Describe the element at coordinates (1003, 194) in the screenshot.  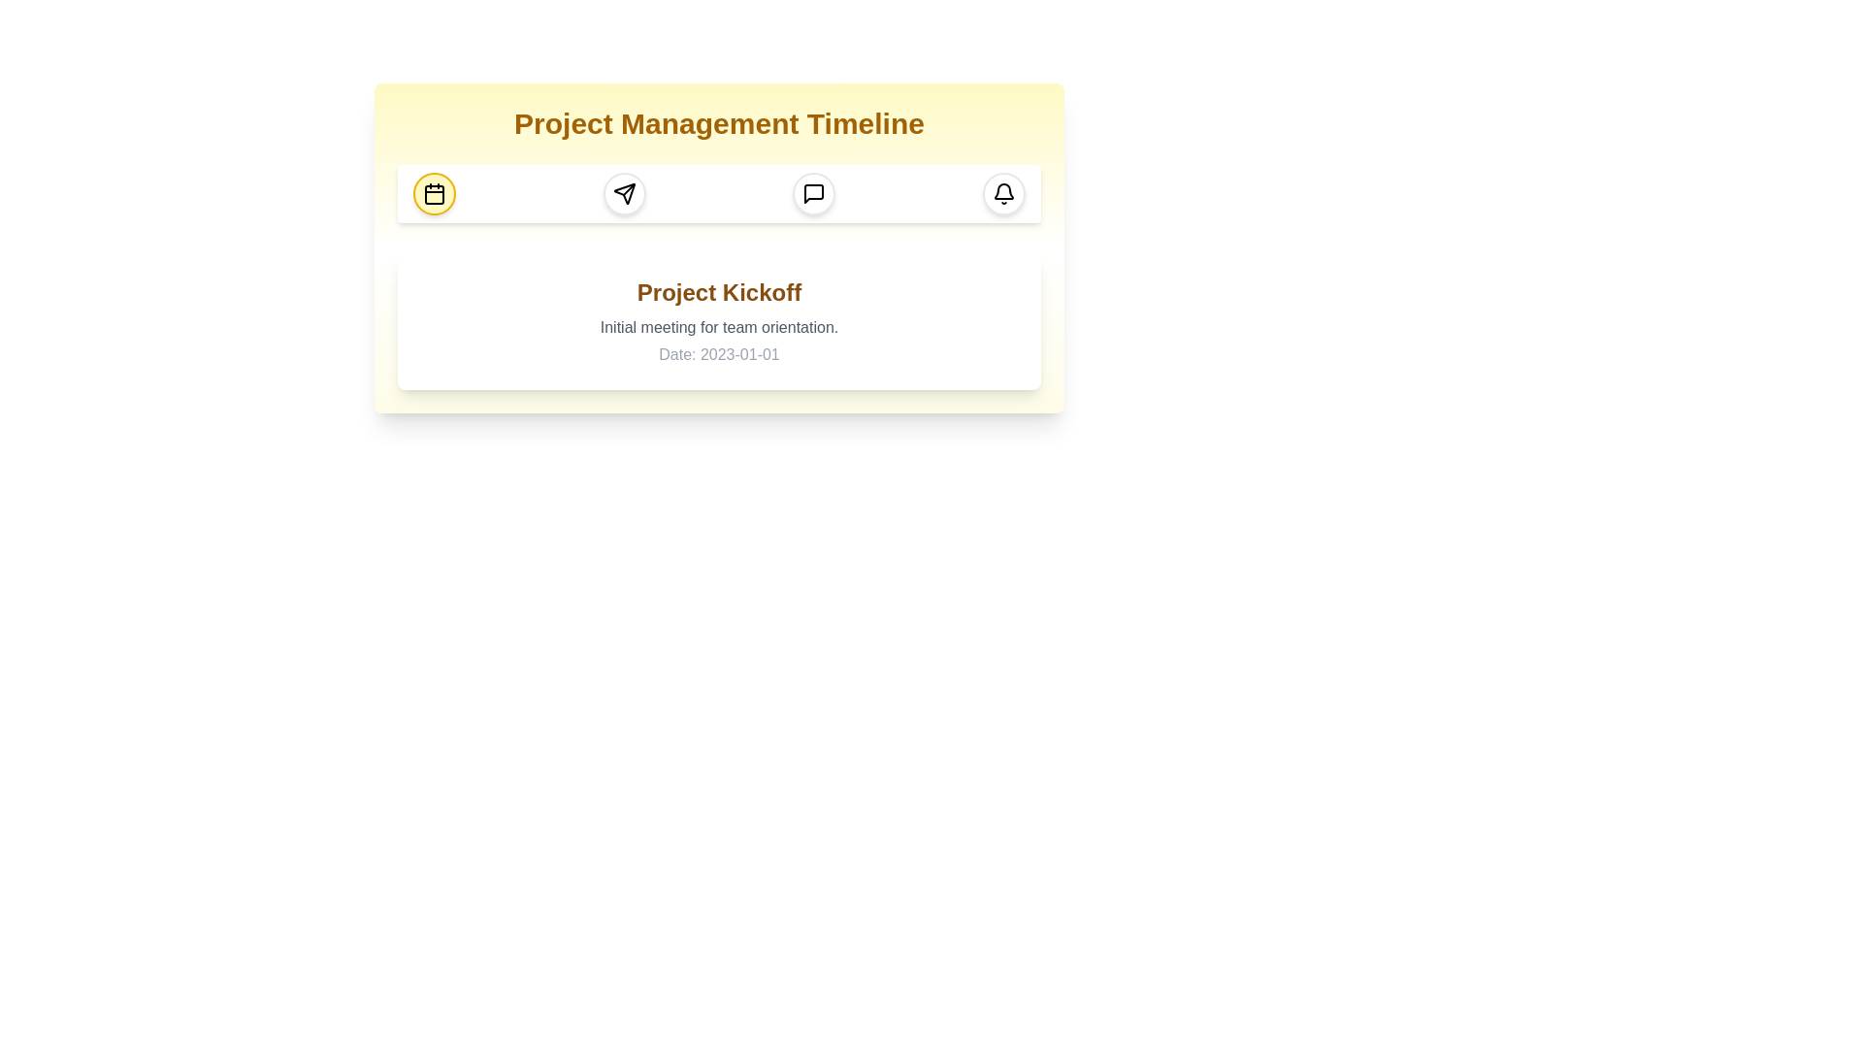
I see `the notification button located at the rightmost position of the header section in the 'Project Management Timeline' panel` at that location.